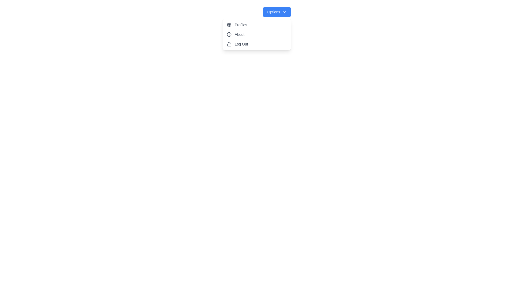  I want to click on the cogwheel-shaped settings icon associated with the 'Profiles' menu option, so click(229, 25).